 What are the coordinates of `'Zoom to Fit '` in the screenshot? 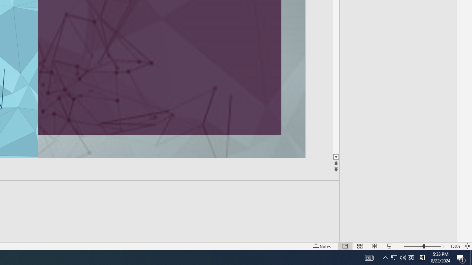 It's located at (467, 246).